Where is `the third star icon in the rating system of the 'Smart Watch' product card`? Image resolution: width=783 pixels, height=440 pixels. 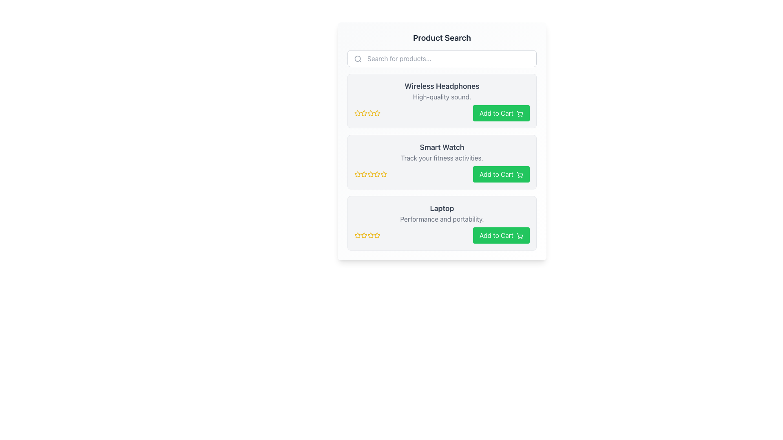
the third star icon in the rating system of the 'Smart Watch' product card is located at coordinates (377, 174).